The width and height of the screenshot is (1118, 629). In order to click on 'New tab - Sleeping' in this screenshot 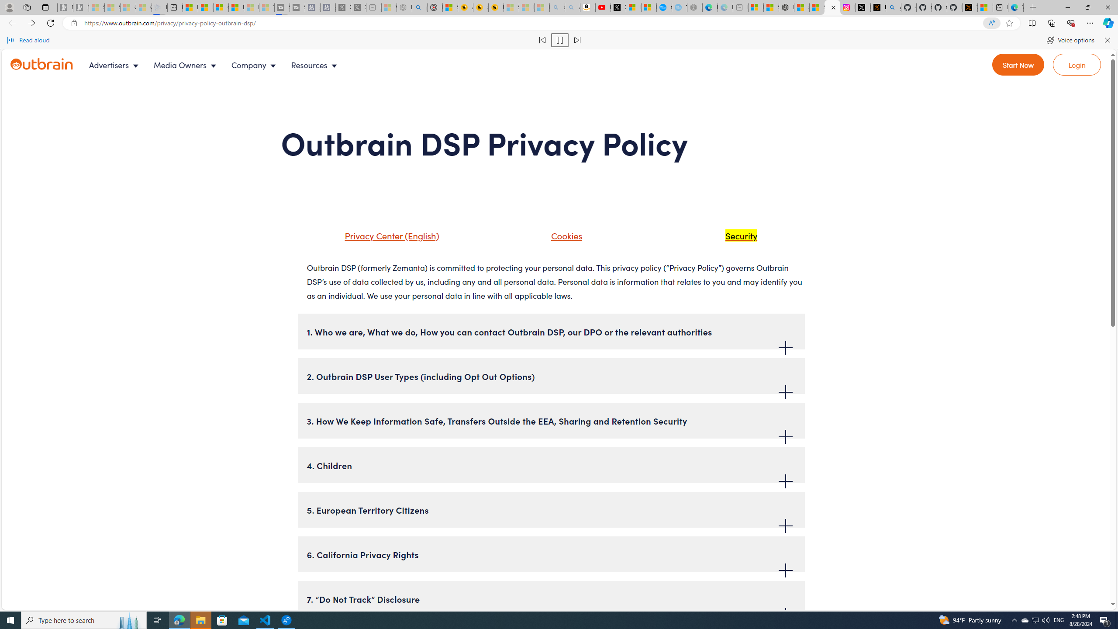, I will do `click(740, 7)`.